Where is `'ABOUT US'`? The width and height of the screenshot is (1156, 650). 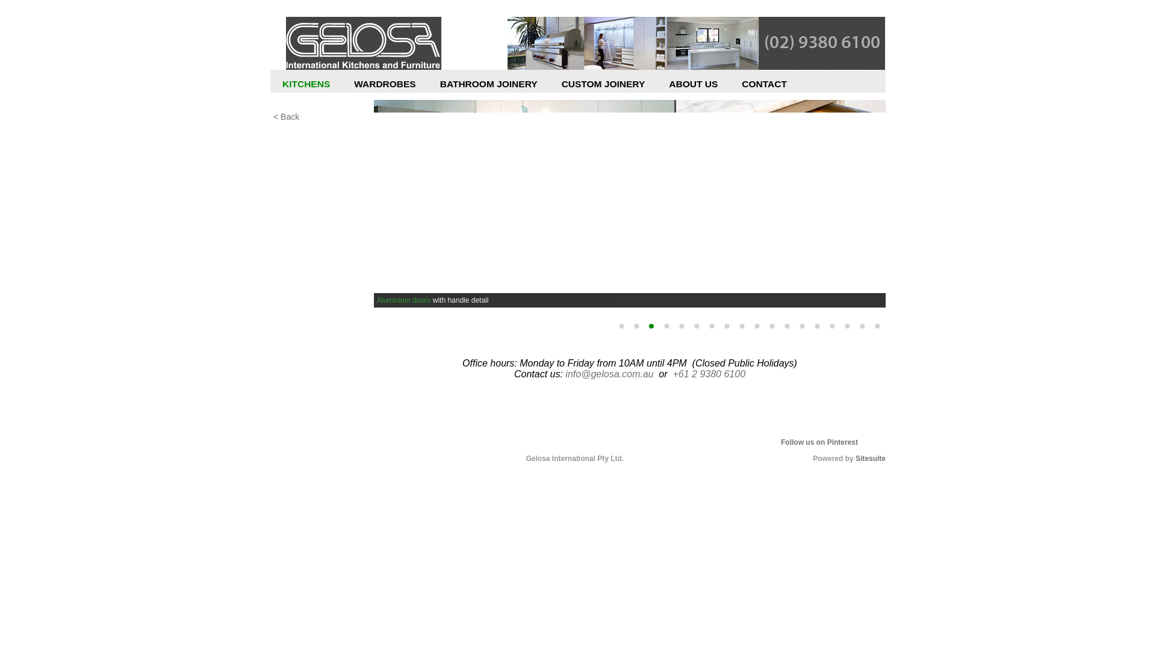
'ABOUT US' is located at coordinates (693, 87).